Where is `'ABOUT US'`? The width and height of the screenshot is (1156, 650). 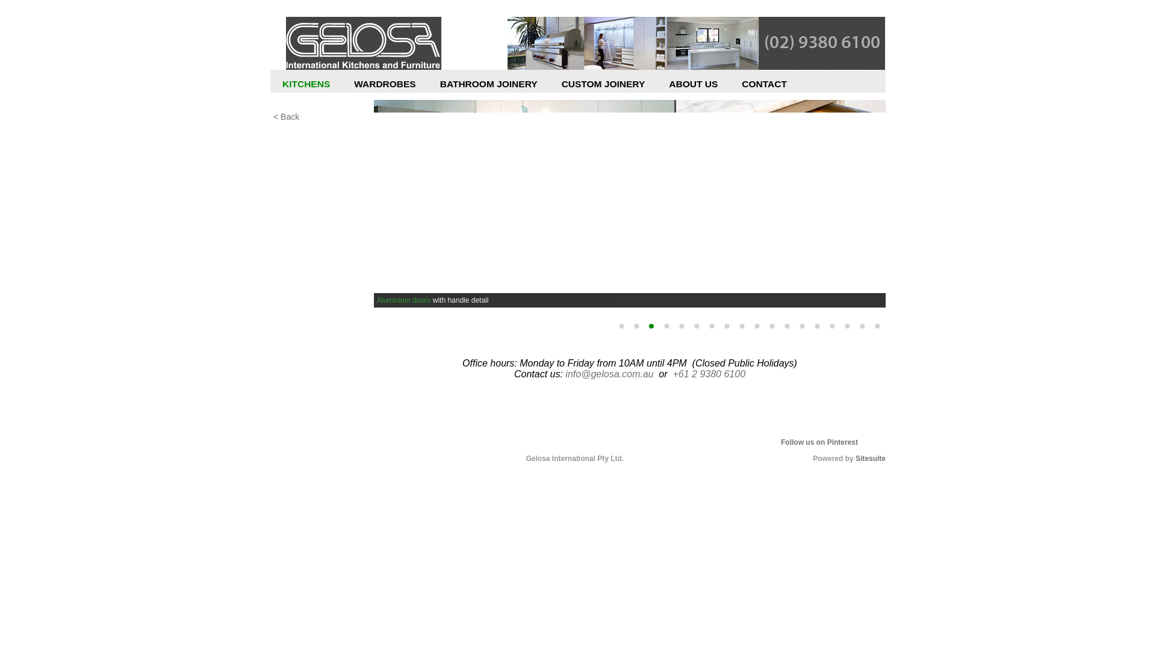
'ABOUT US' is located at coordinates (693, 87).